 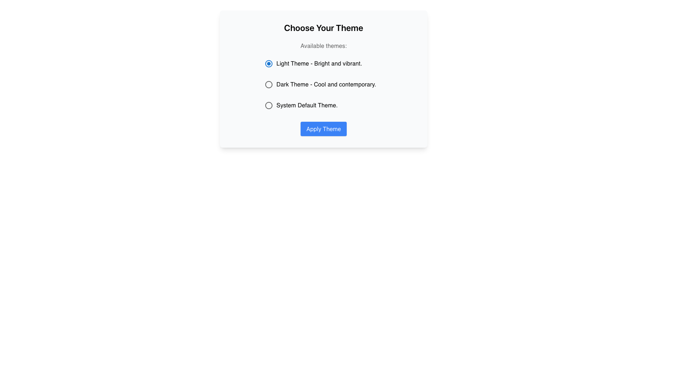 What do you see at coordinates (269, 63) in the screenshot?
I see `the radio button indicator for the 'Light Theme' option` at bounding box center [269, 63].